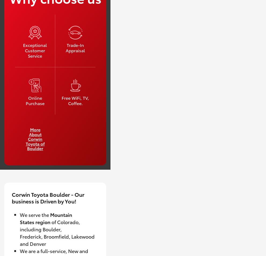  I want to click on 'of Colorado, including Boulder, Frederick,', so click(50, 229).